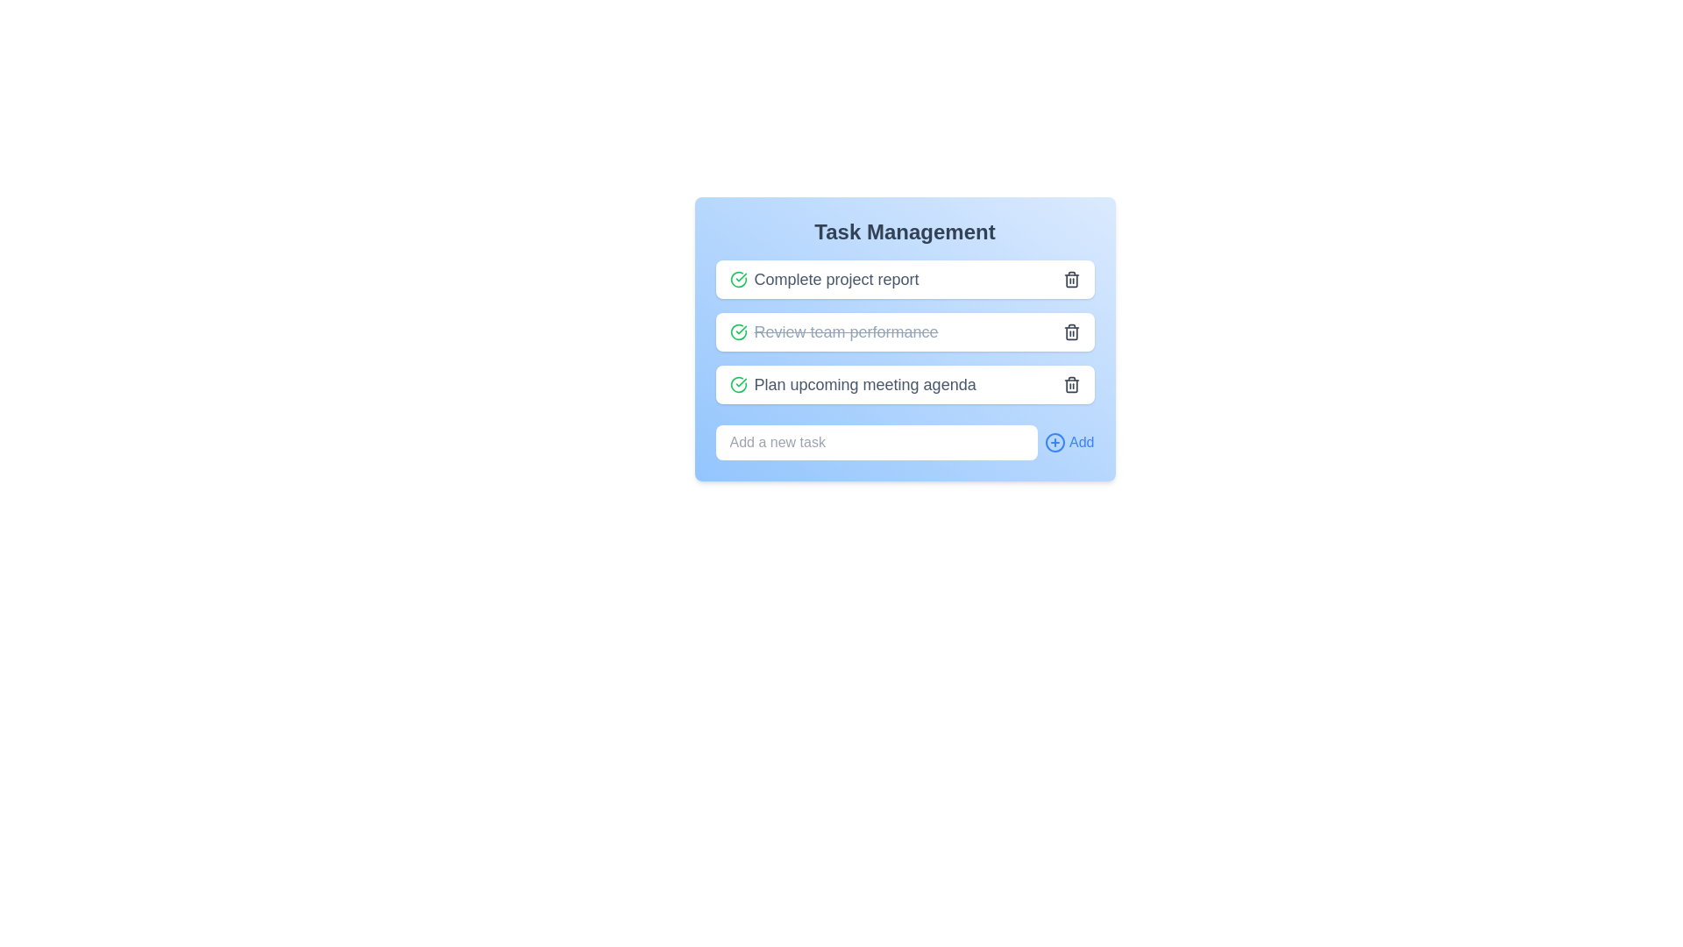  What do you see at coordinates (905, 384) in the screenshot?
I see `the checkmark on the third task item in the task management application to mark it as complete` at bounding box center [905, 384].